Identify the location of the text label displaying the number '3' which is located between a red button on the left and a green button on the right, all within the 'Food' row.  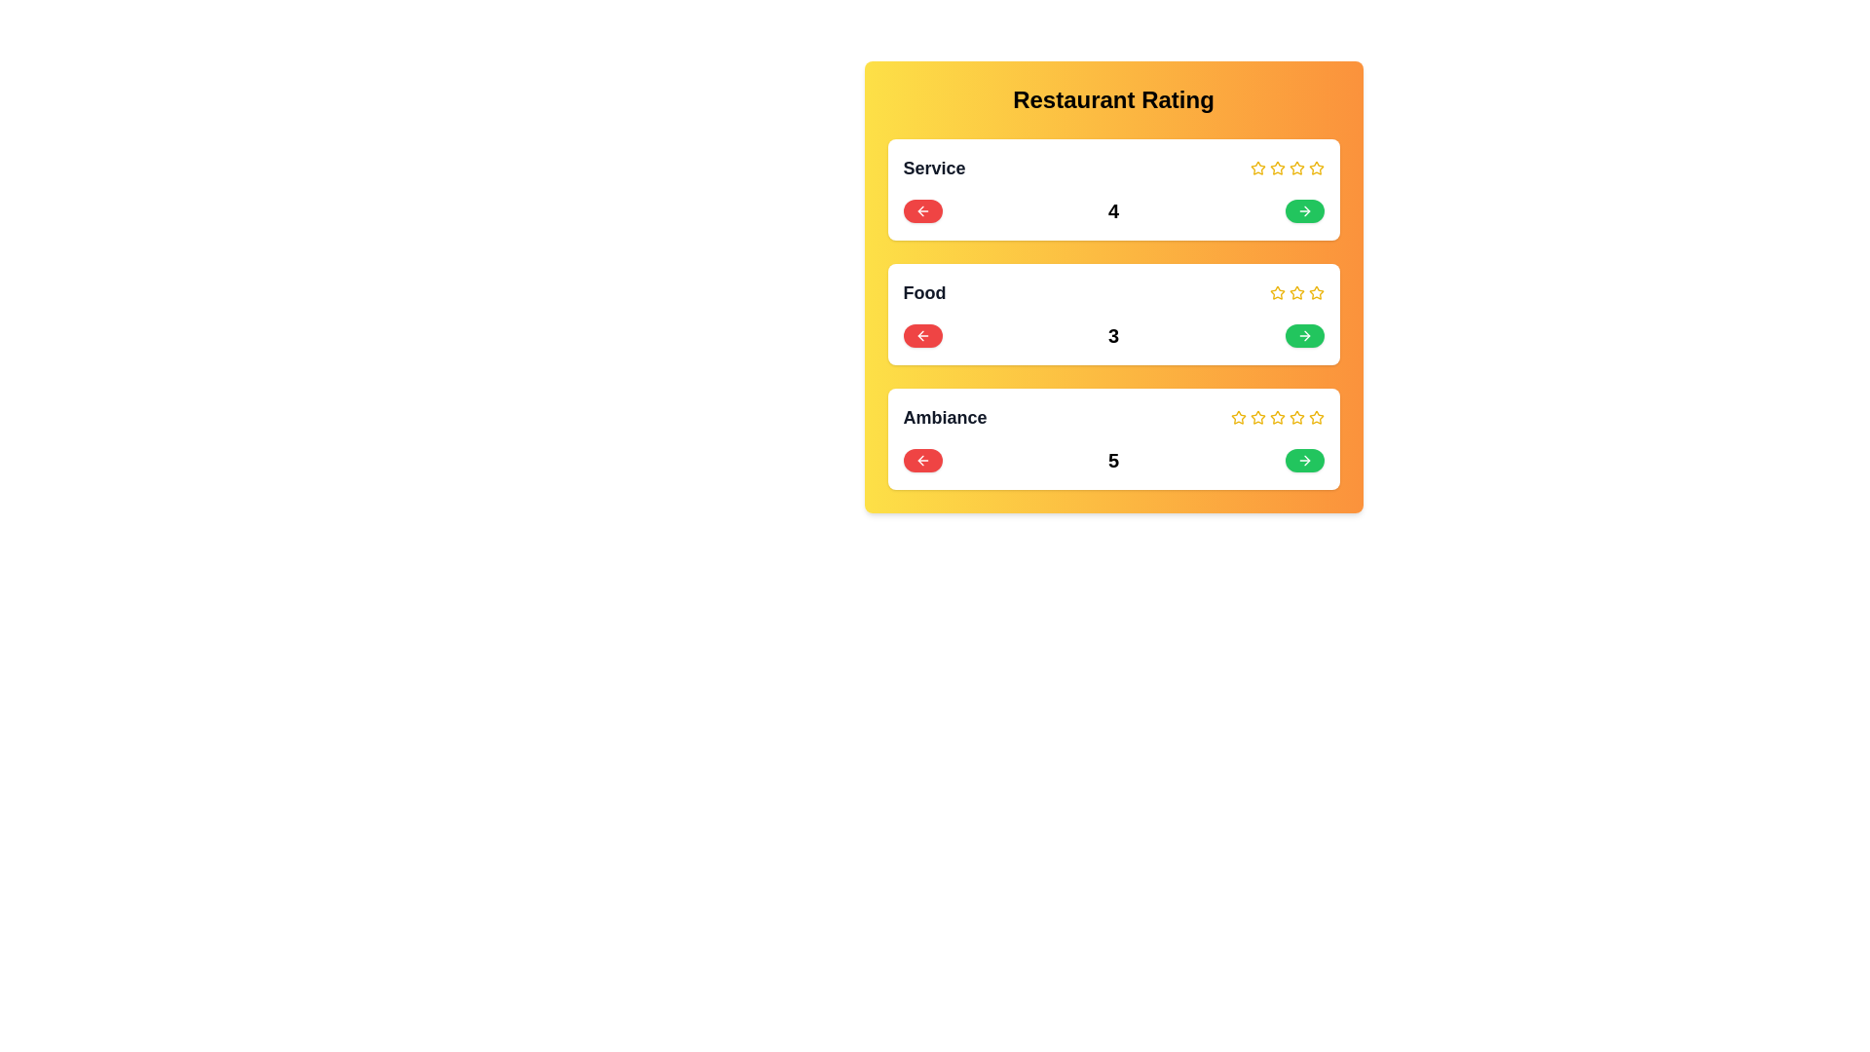
(1113, 334).